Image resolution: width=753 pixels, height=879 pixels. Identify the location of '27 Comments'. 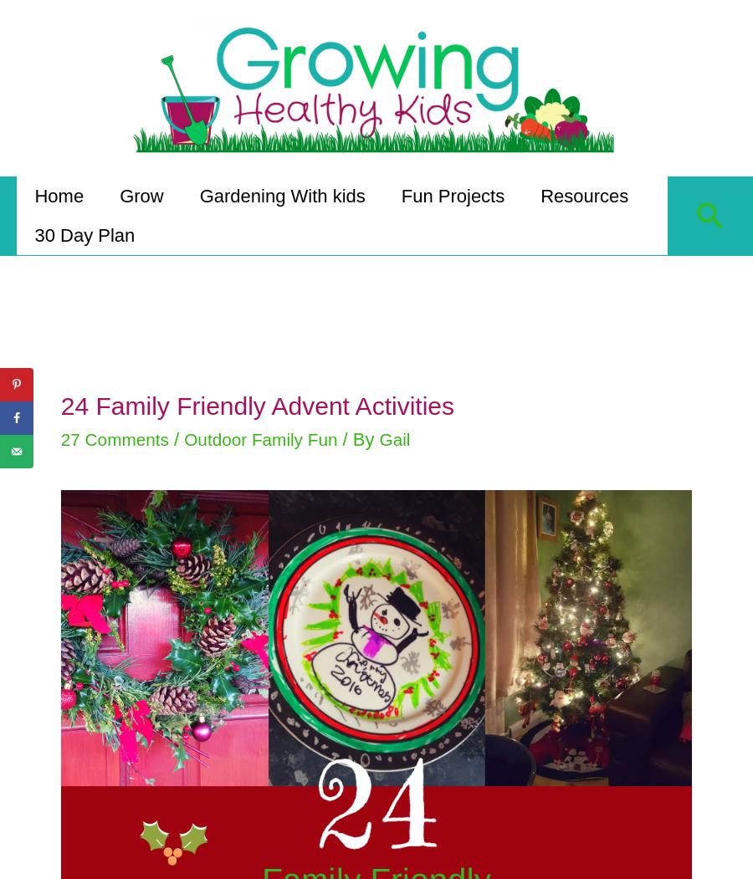
(117, 428).